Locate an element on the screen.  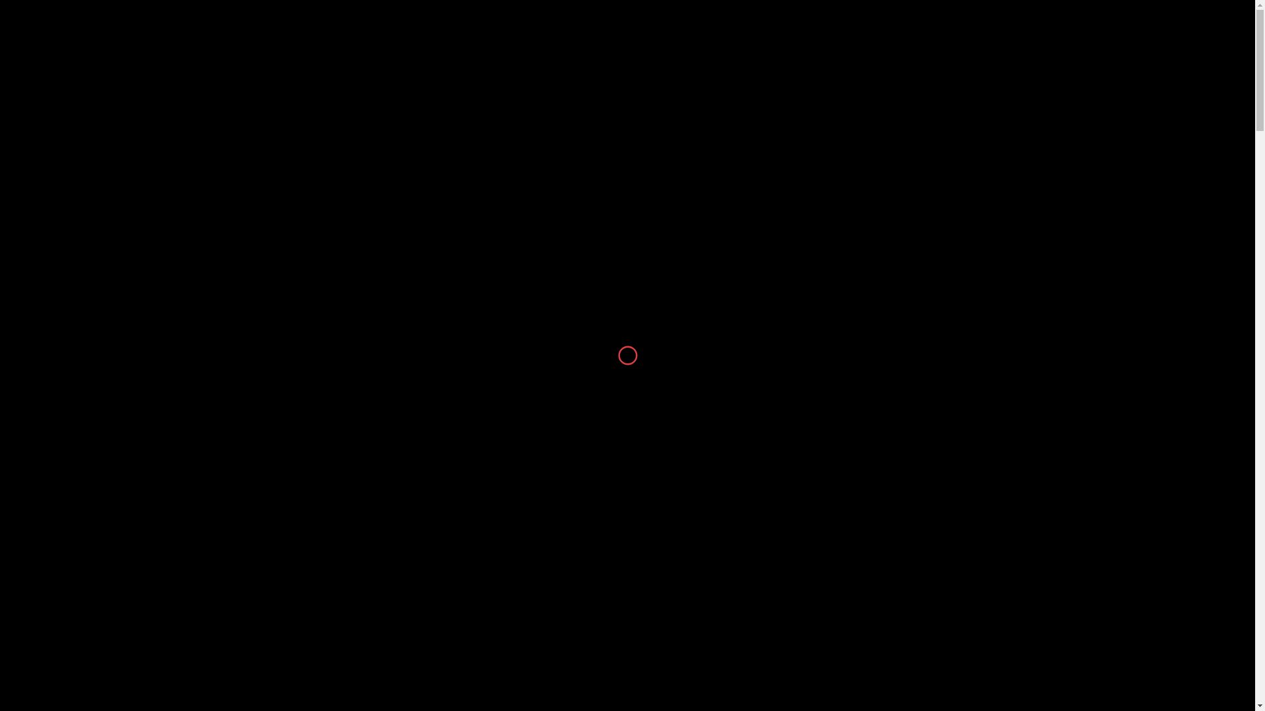
'STYLESELL' is located at coordinates (379, 44).